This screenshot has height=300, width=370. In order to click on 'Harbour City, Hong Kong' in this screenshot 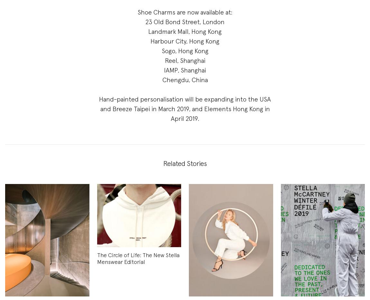, I will do `click(185, 42)`.